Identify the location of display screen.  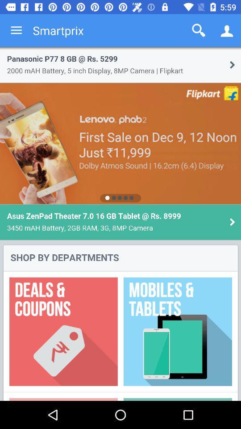
(120, 223).